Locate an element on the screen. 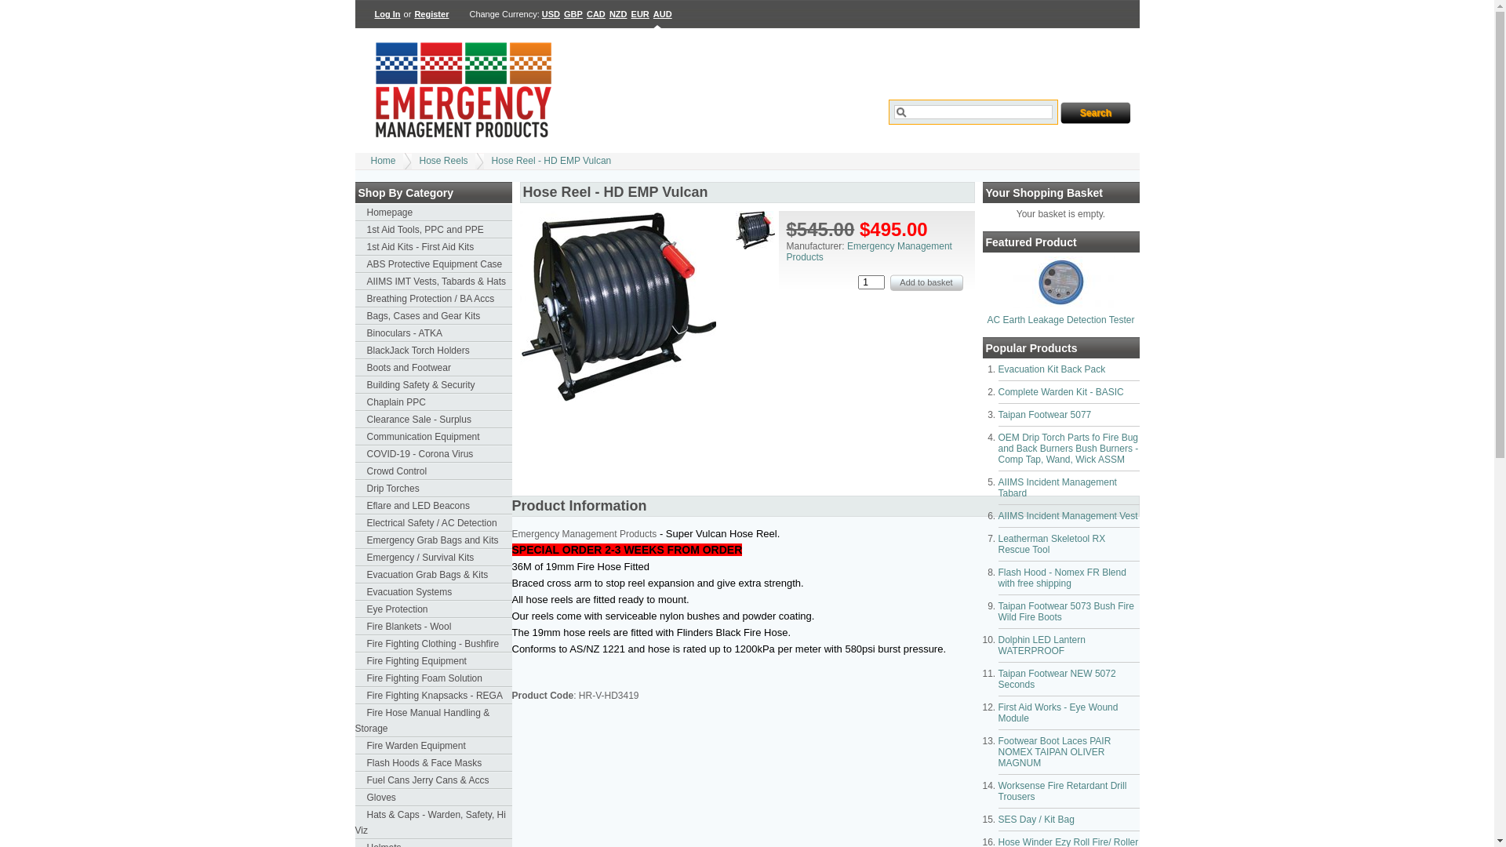 The width and height of the screenshot is (1506, 847). 'Fire Fighting Knapsacks - REGA' is located at coordinates (433, 695).